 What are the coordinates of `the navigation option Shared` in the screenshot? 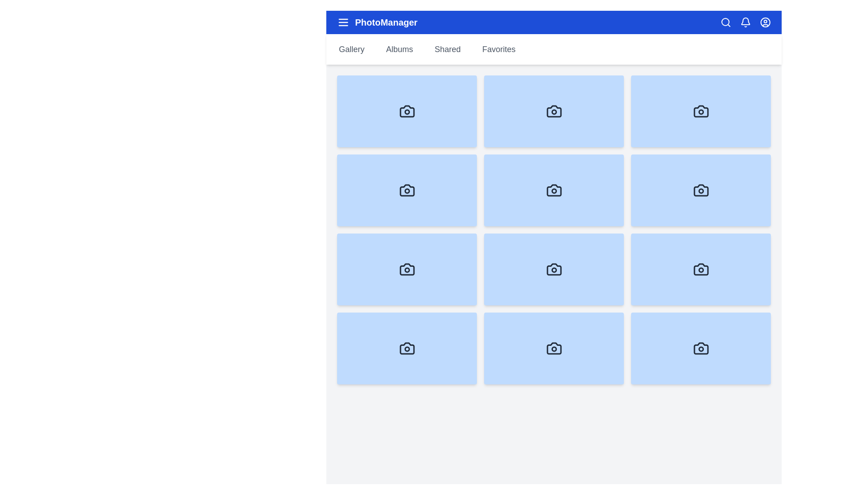 It's located at (448, 49).